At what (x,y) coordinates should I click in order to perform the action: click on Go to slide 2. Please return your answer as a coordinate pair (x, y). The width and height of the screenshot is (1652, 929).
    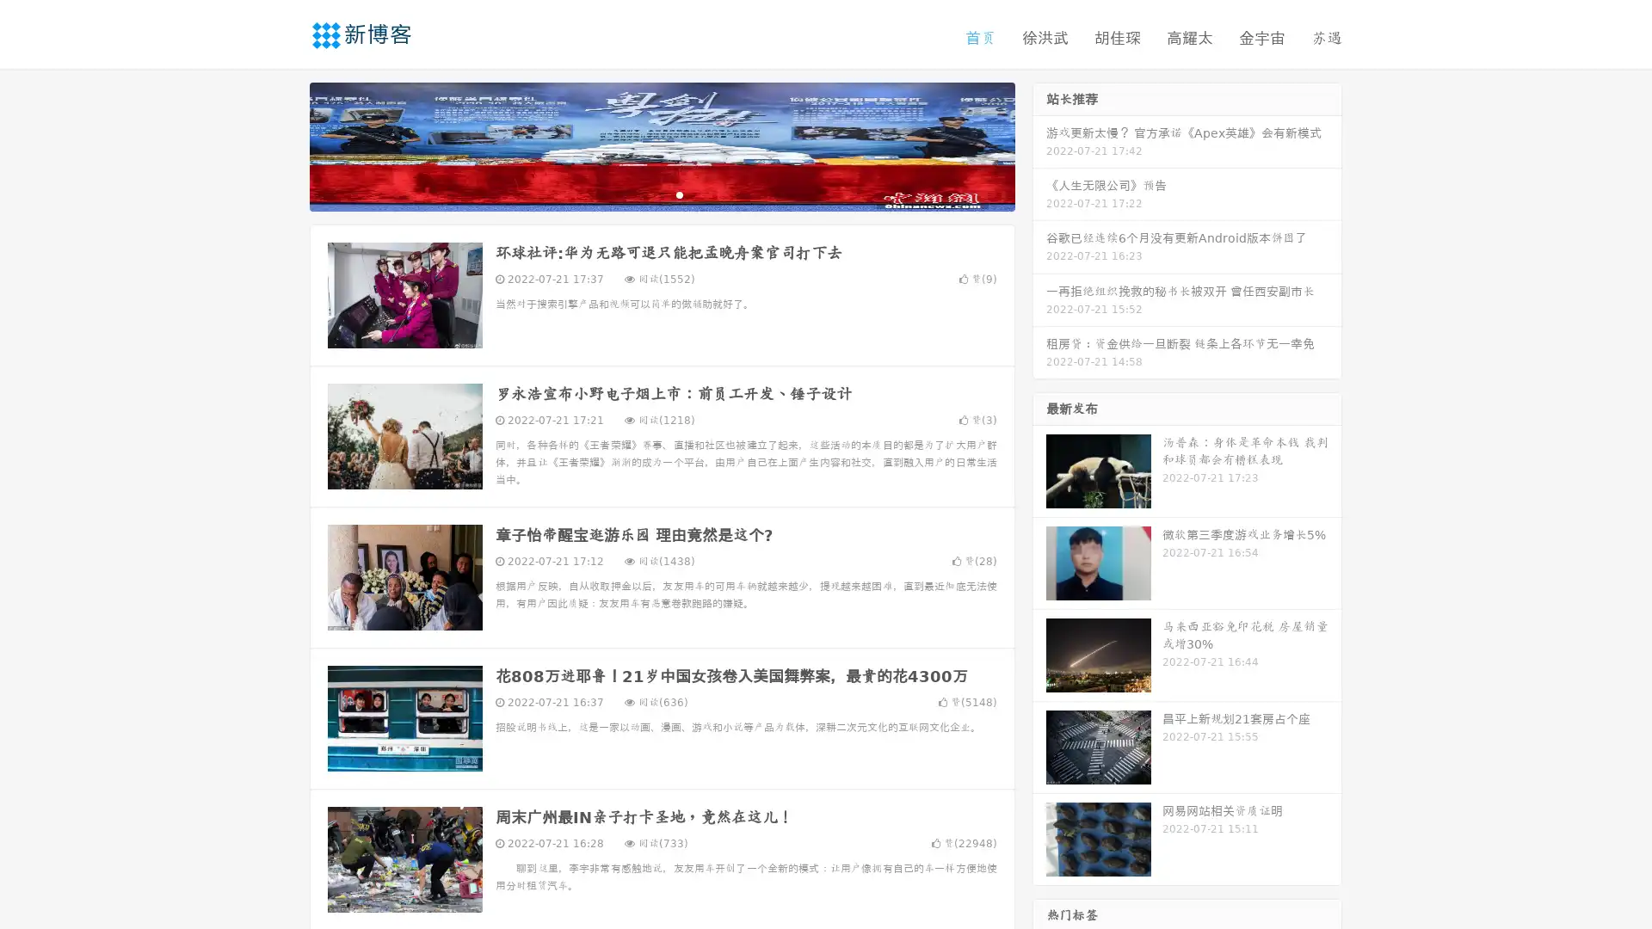
    Looking at the image, I should click on (661, 194).